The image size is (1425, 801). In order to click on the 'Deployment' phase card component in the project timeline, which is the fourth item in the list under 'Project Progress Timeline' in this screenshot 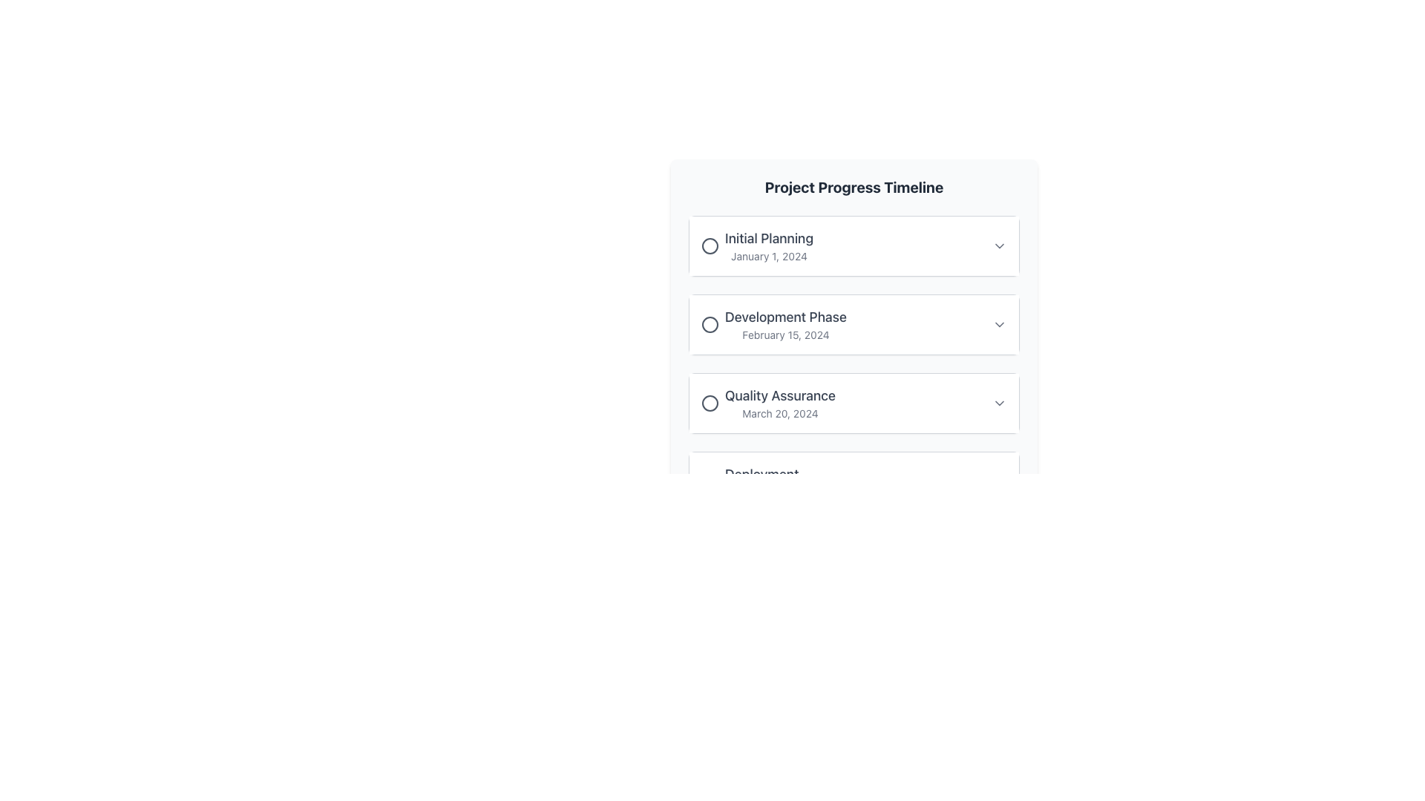, I will do `click(854, 482)`.